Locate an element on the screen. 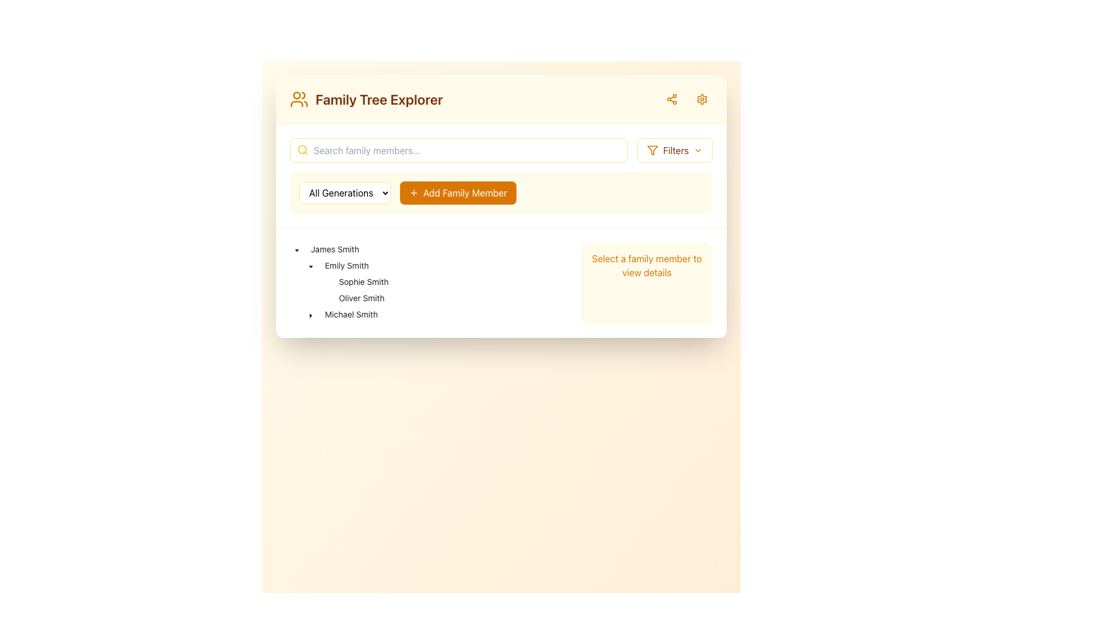  the center of the gear/settings icon, which is a small circular icon in amber color located at the top-right corner of the user interface is located at coordinates (701, 98).